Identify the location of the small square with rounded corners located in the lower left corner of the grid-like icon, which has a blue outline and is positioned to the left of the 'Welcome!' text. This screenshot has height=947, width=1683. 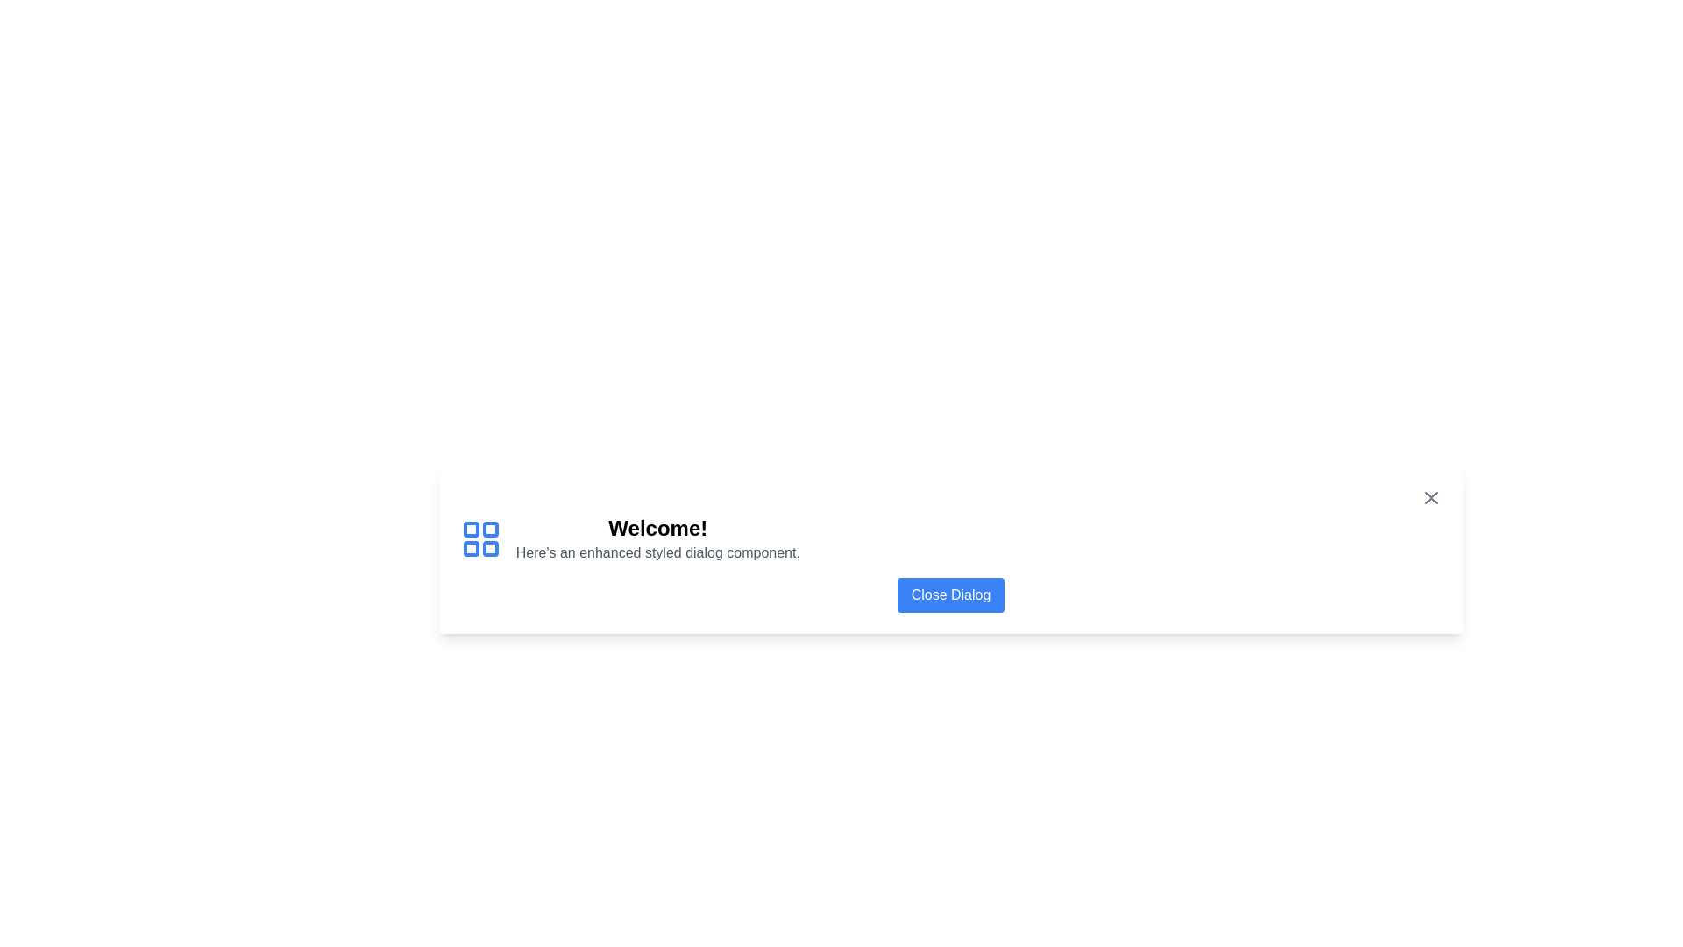
(471, 547).